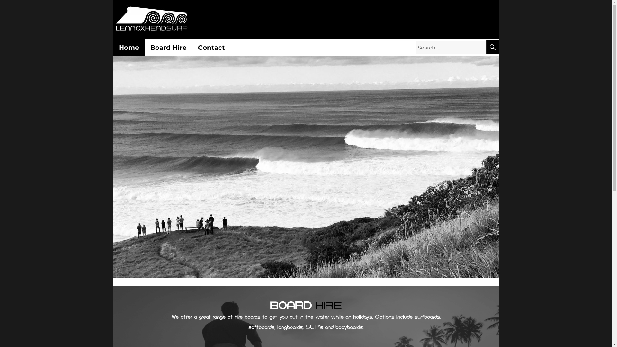 This screenshot has width=617, height=347. What do you see at coordinates (168, 47) in the screenshot?
I see `'Board Hire'` at bounding box center [168, 47].